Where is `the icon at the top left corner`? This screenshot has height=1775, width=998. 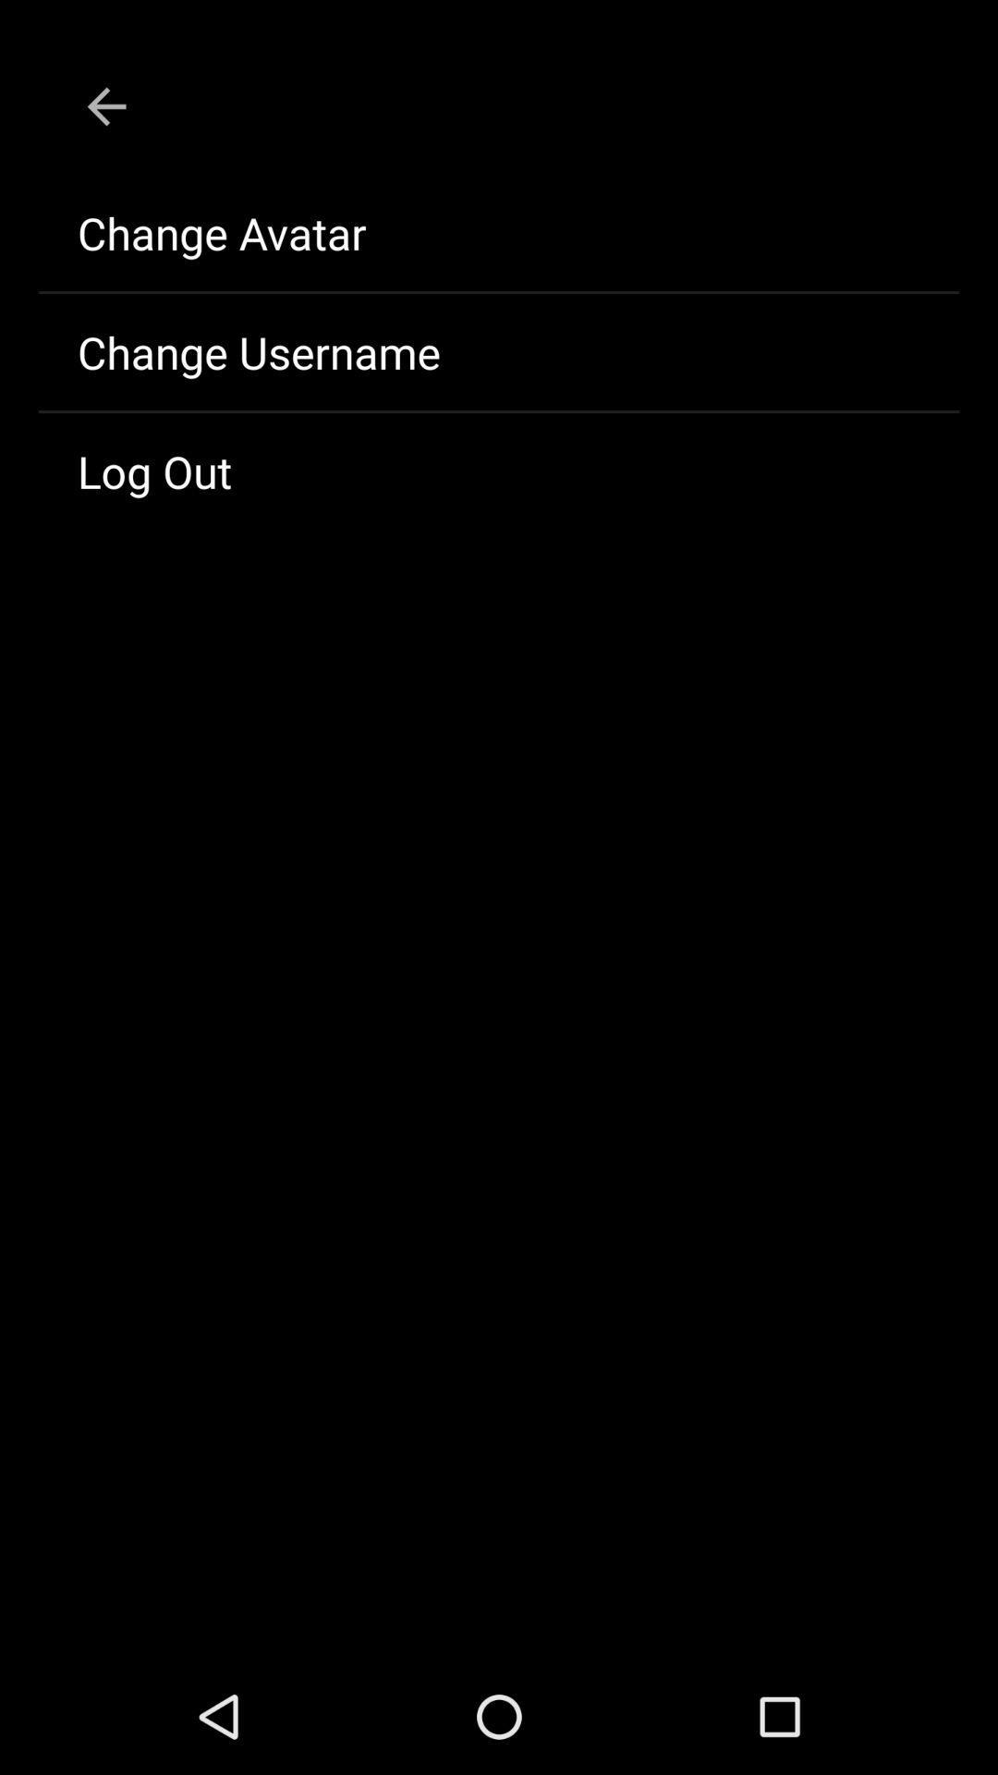
the icon at the top left corner is located at coordinates (106, 105).